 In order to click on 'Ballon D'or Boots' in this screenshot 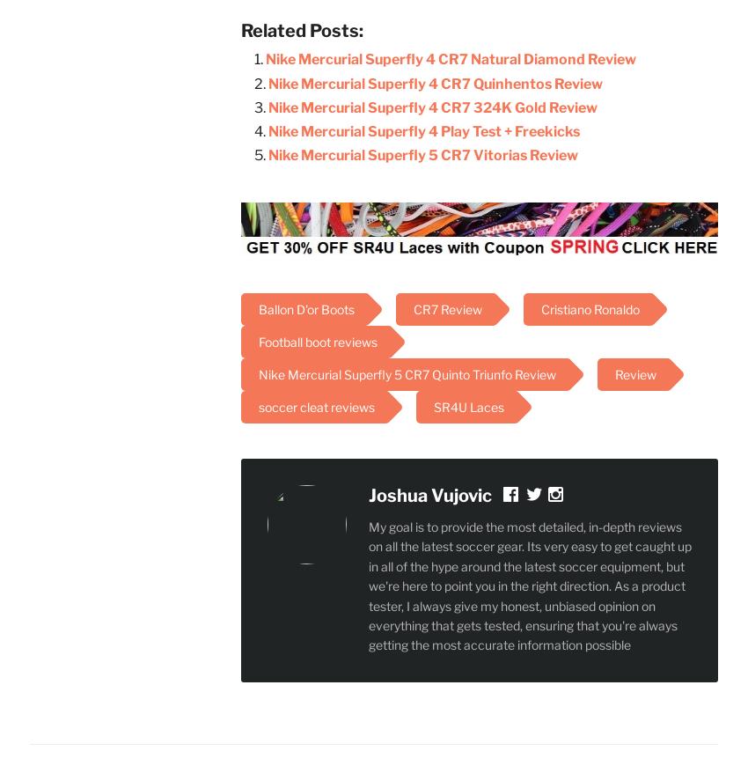, I will do `click(305, 309)`.